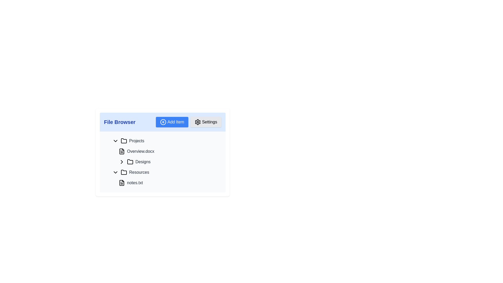 This screenshot has width=503, height=283. What do you see at coordinates (210, 122) in the screenshot?
I see `the Text Label that describes the settings button, located at the top-right corner of the interface, next to the 'Add Item' button` at bounding box center [210, 122].